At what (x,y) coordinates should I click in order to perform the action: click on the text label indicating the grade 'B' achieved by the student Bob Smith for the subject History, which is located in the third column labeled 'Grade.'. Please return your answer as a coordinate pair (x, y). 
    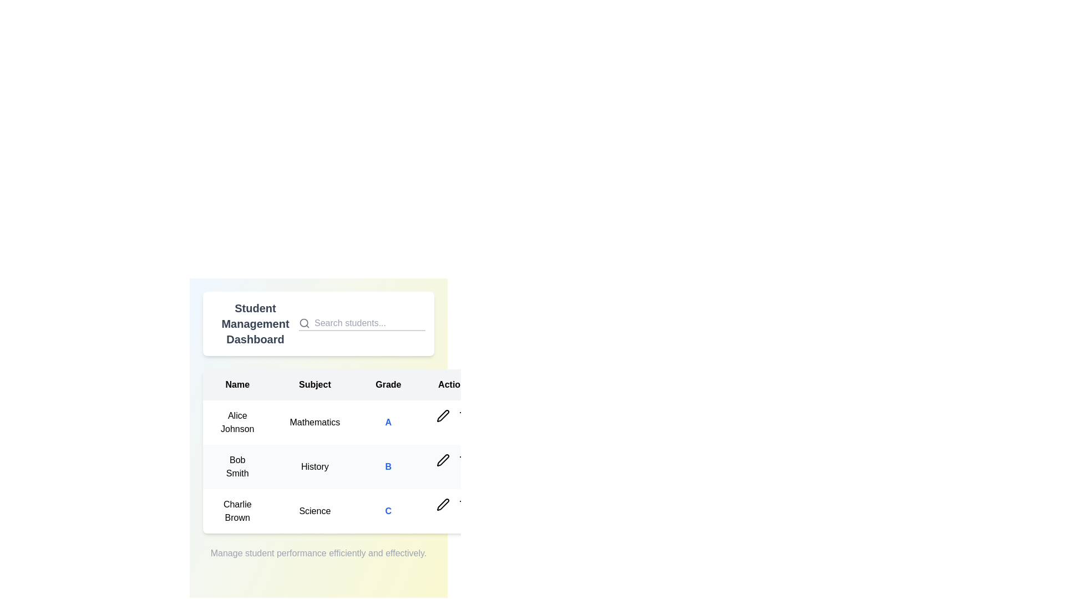
    Looking at the image, I should click on (388, 466).